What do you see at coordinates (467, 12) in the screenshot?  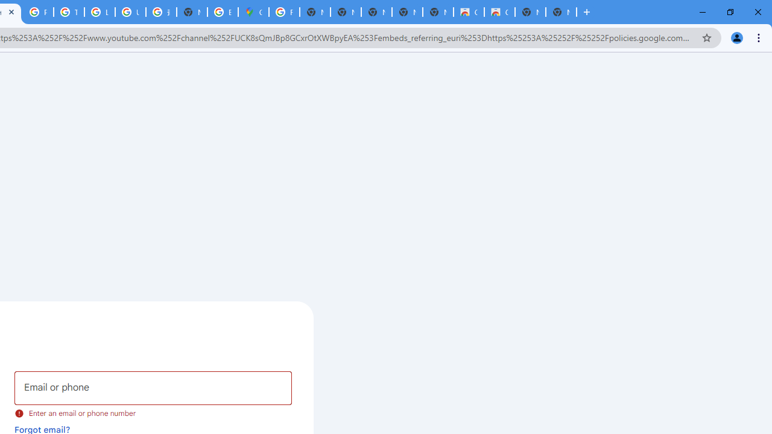 I see `'Classic Blue - Chrome Web Store'` at bounding box center [467, 12].